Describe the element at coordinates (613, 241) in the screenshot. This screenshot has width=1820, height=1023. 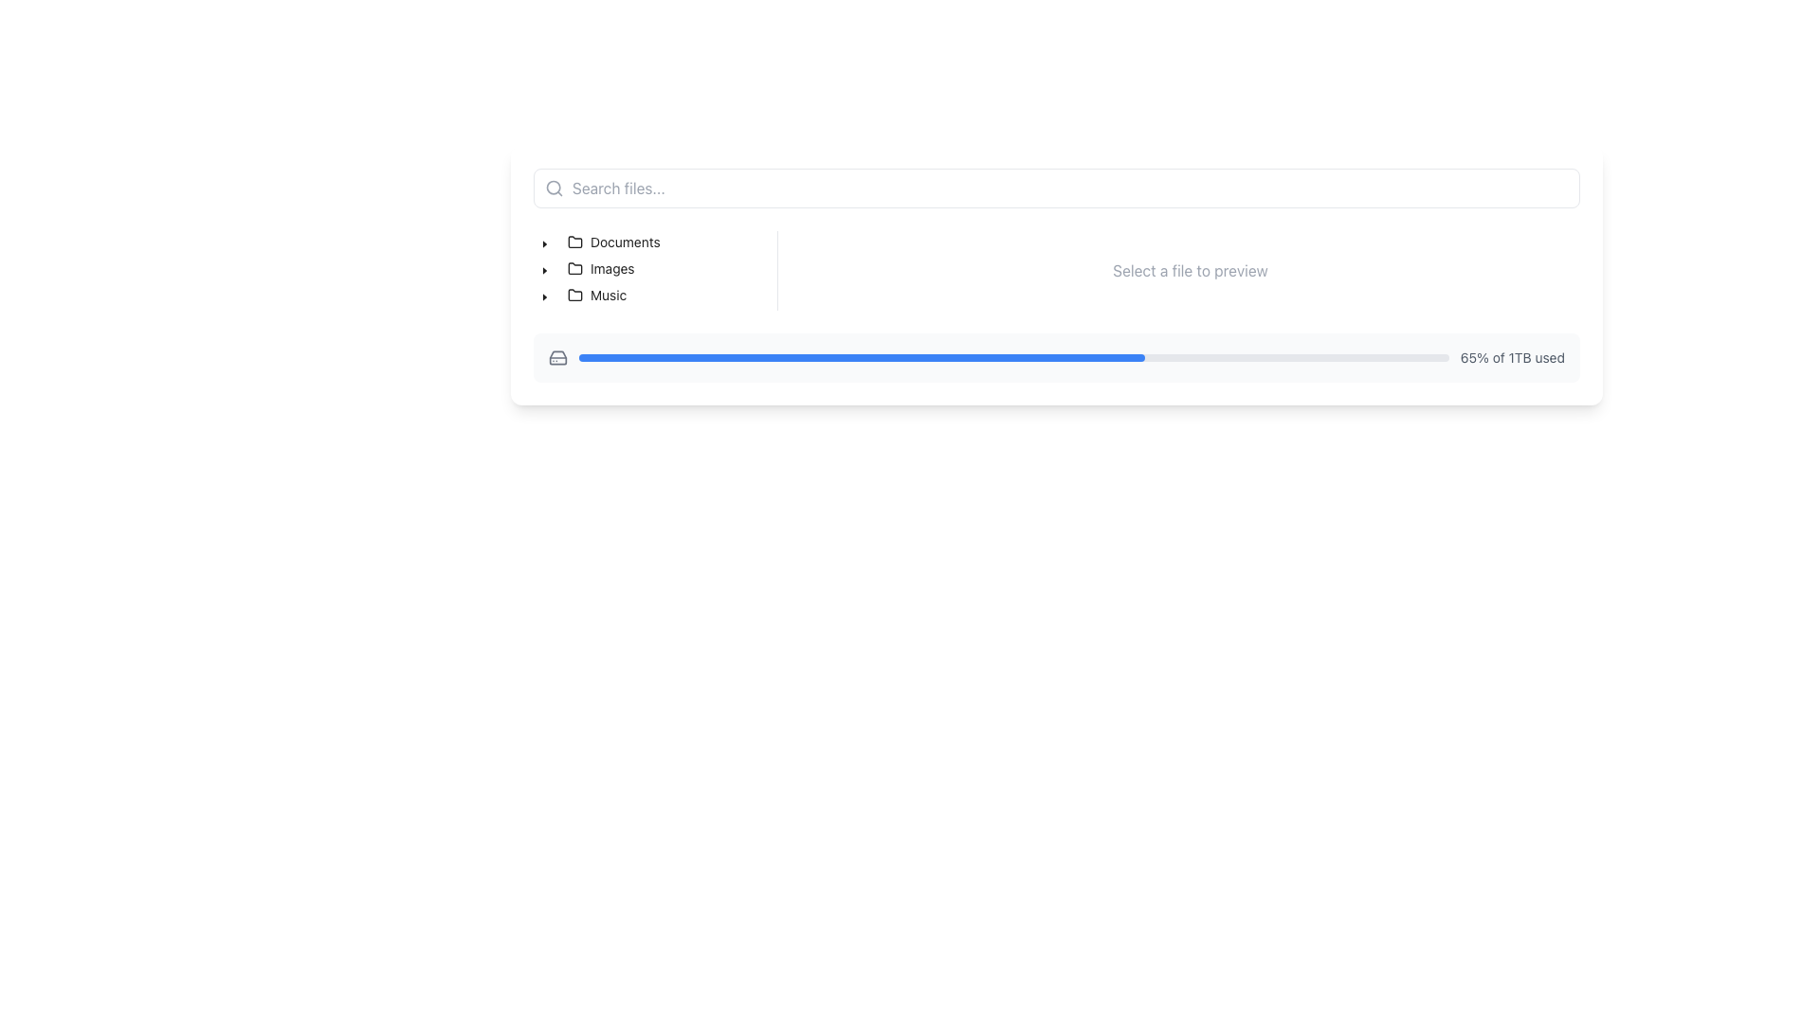
I see `the 'Documents' label` at that location.